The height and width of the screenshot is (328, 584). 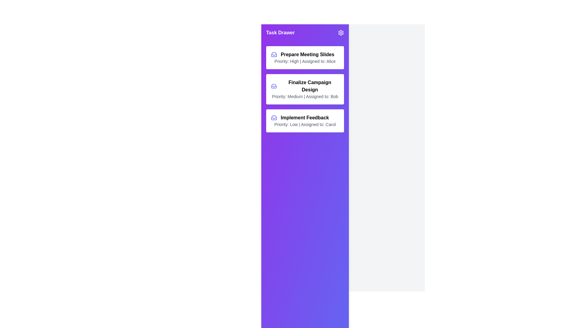 What do you see at coordinates (305, 57) in the screenshot?
I see `the task titled 'Prepare Meeting Slides' to interact with it` at bounding box center [305, 57].